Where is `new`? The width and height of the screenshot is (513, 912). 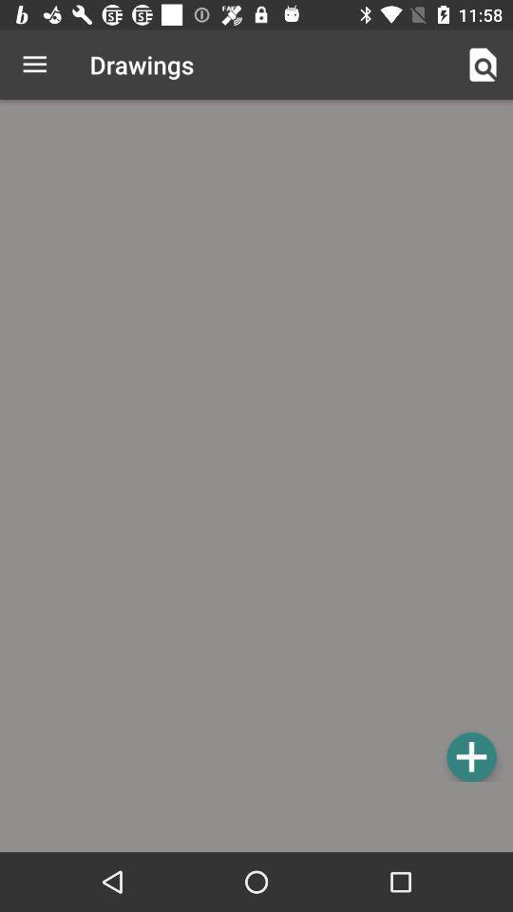
new is located at coordinates (470, 756).